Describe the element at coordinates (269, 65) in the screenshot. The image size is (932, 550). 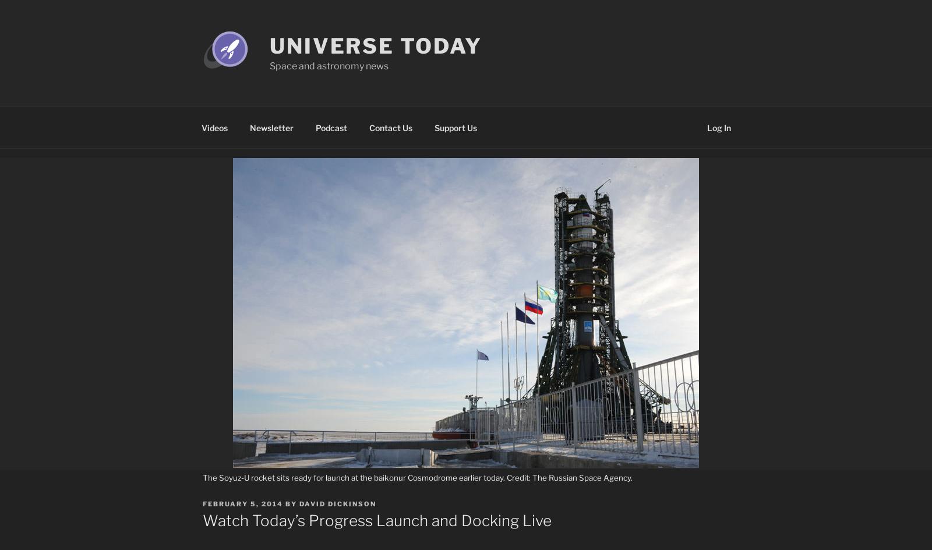
I see `'Space and astronomy news'` at that location.